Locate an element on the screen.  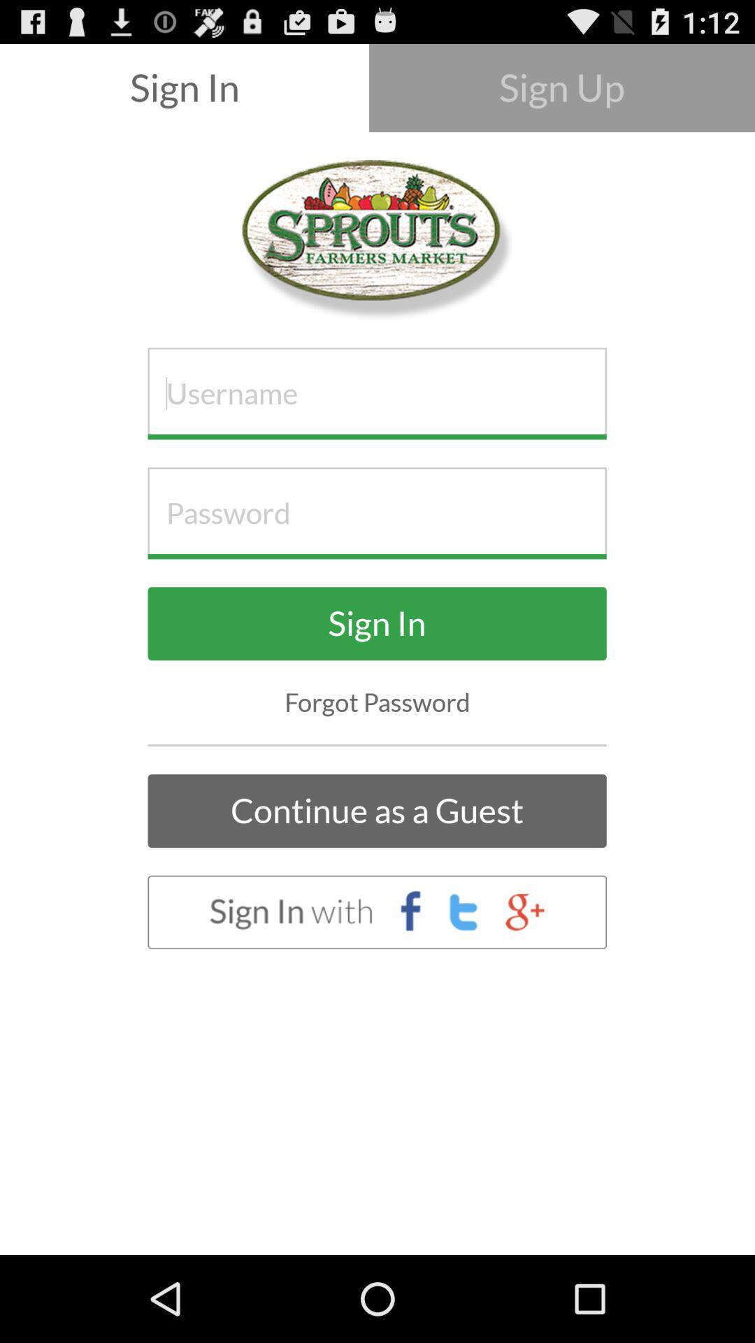
the button at the top right corner is located at coordinates (561, 87).